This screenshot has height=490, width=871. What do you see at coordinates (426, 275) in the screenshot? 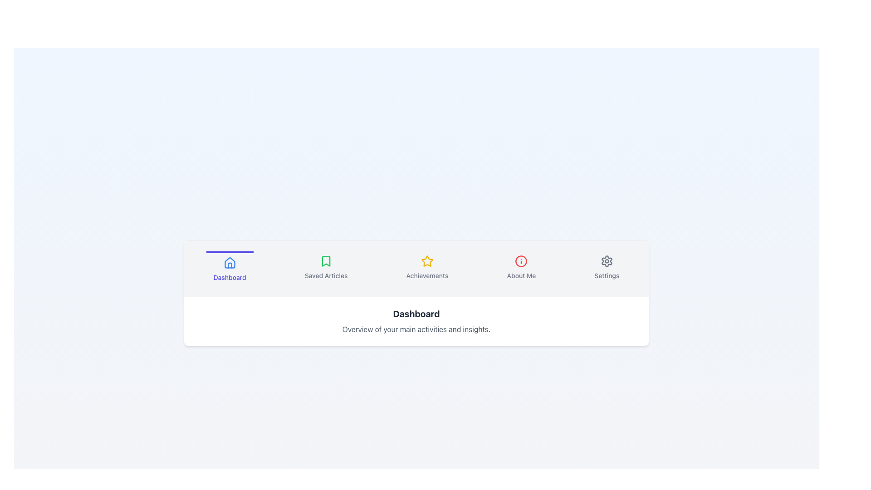
I see `the 'Achievements' text label located in the navigation bar, which is styled with a medium-weight font and positioned below the yellow star icon` at bounding box center [426, 275].